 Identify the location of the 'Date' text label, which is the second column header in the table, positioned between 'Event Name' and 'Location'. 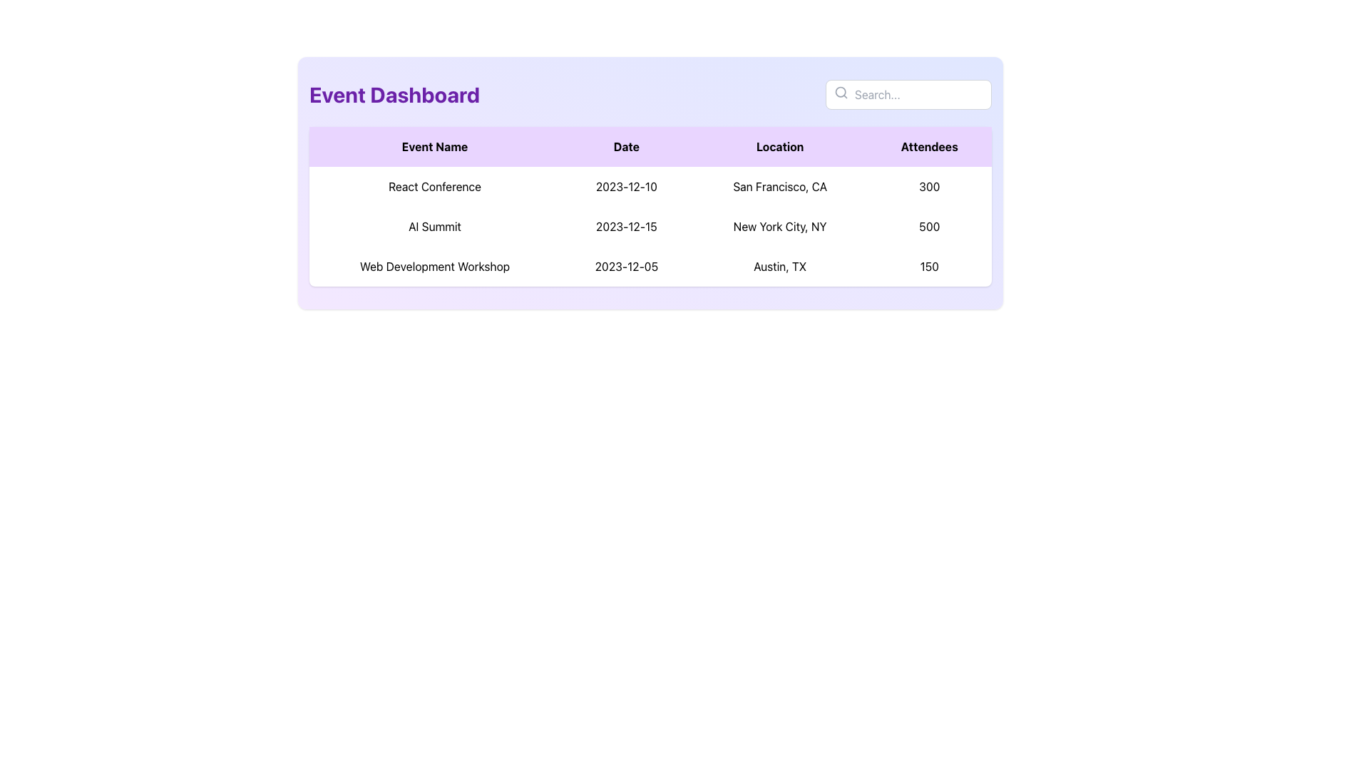
(626, 146).